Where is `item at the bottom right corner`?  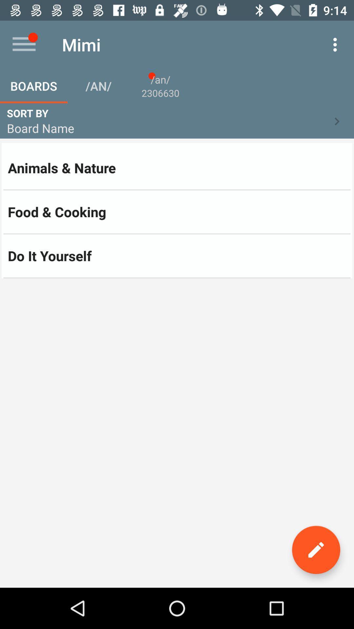
item at the bottom right corner is located at coordinates (316, 550).